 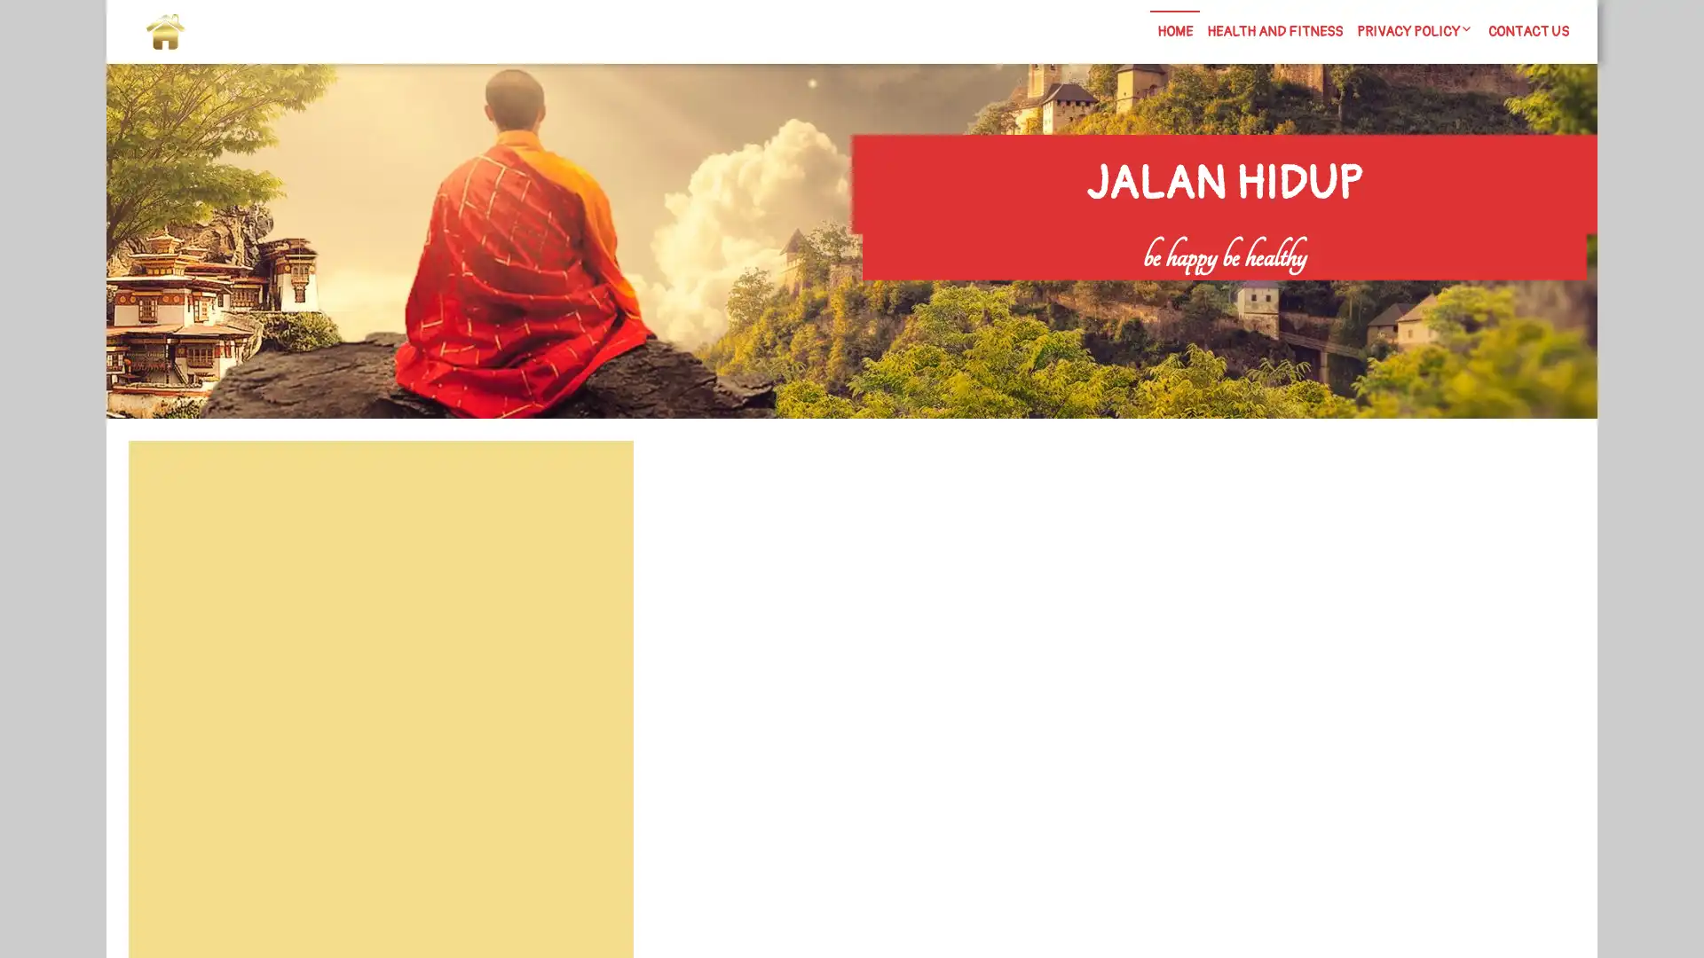 I want to click on Search, so click(x=592, y=483).